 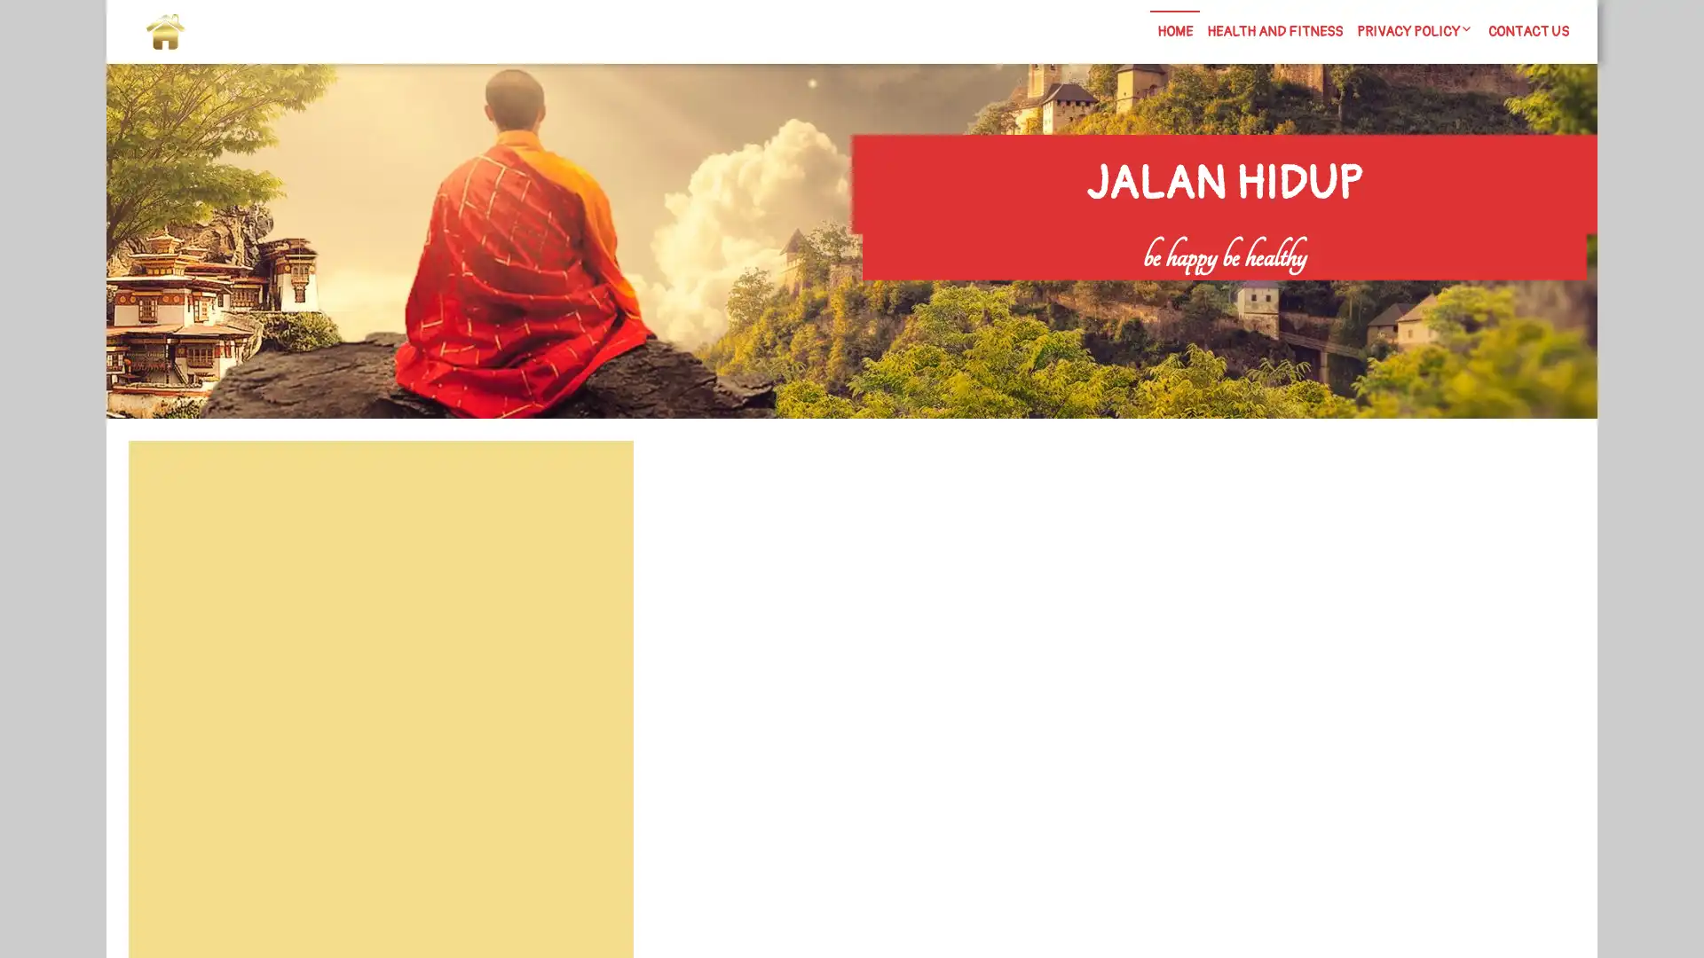 I want to click on Search, so click(x=592, y=483).